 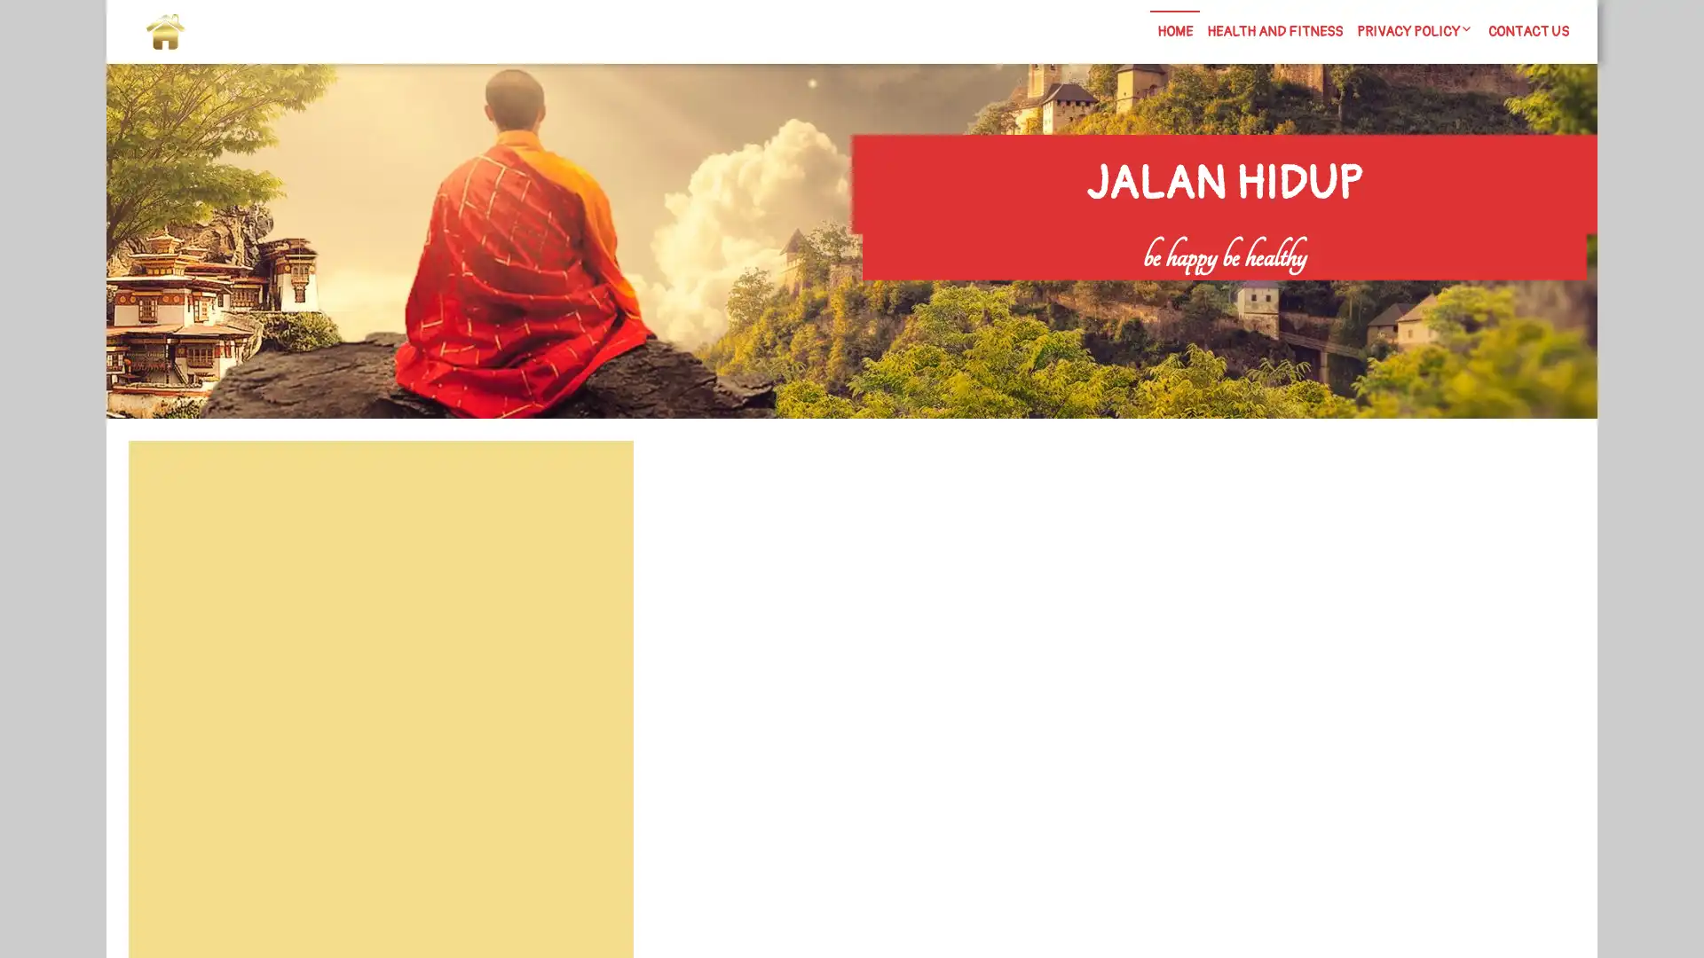 I want to click on Search, so click(x=592, y=483).